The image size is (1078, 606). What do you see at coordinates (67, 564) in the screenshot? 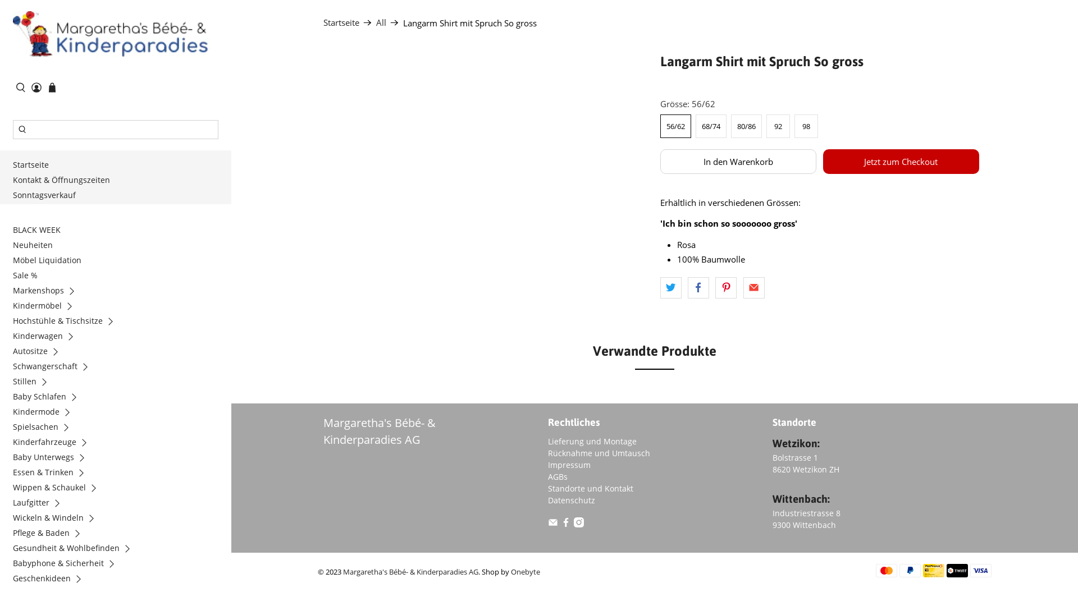
I see `'Babyphone & Sicherheit'` at bounding box center [67, 564].